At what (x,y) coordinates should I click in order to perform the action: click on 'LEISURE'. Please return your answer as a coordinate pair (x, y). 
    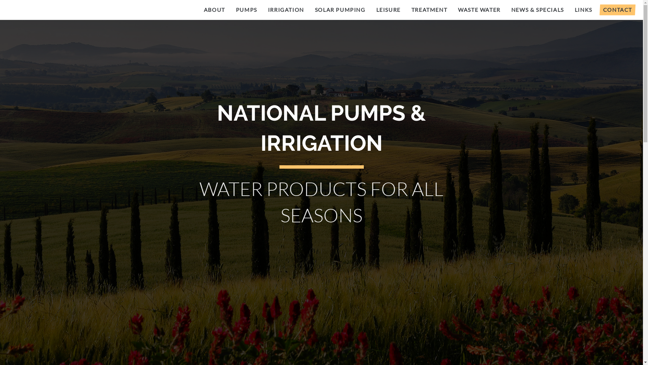
    Looking at the image, I should click on (388, 10).